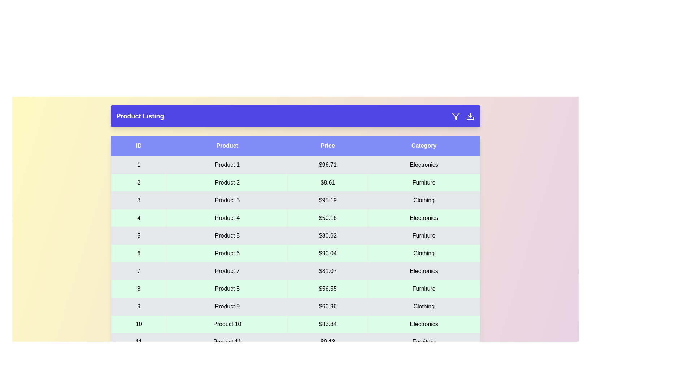 The image size is (693, 390). I want to click on the filter button to apply filters to the displayed data, so click(455, 116).